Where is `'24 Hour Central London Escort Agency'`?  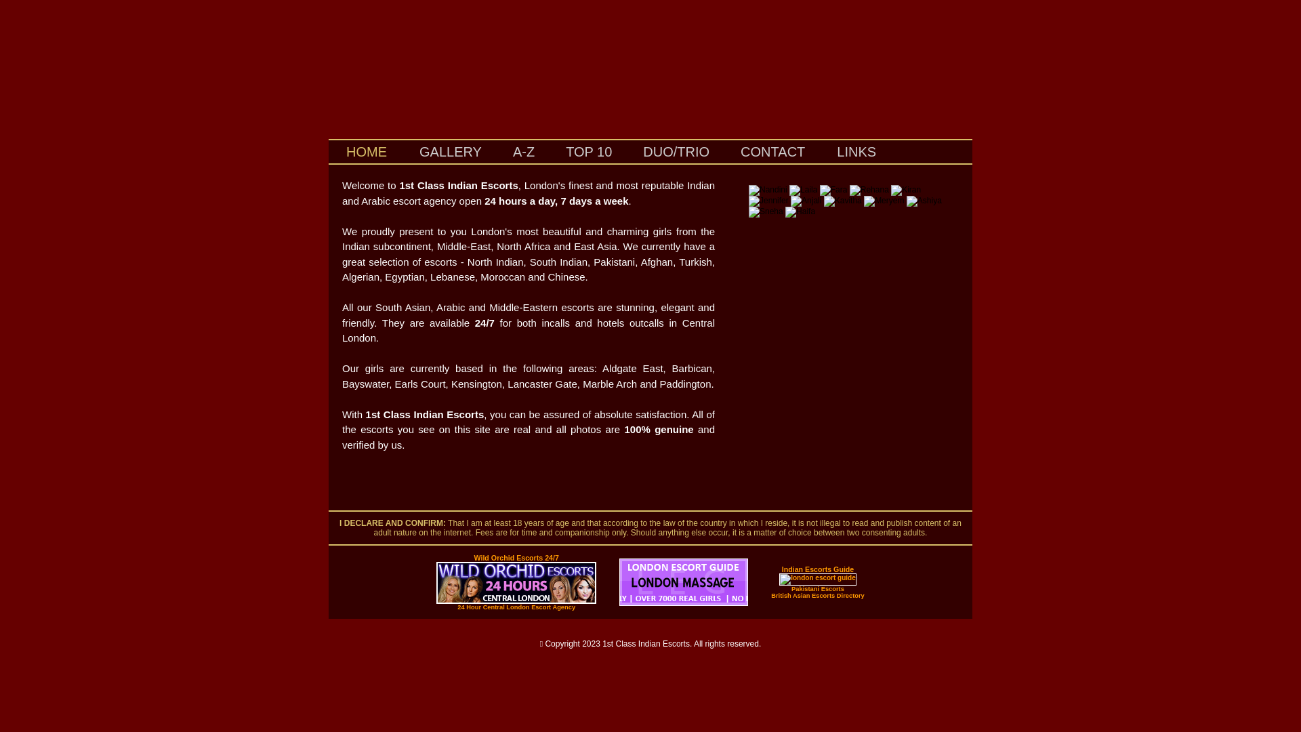 '24 Hour Central London Escort Agency' is located at coordinates (516, 606).